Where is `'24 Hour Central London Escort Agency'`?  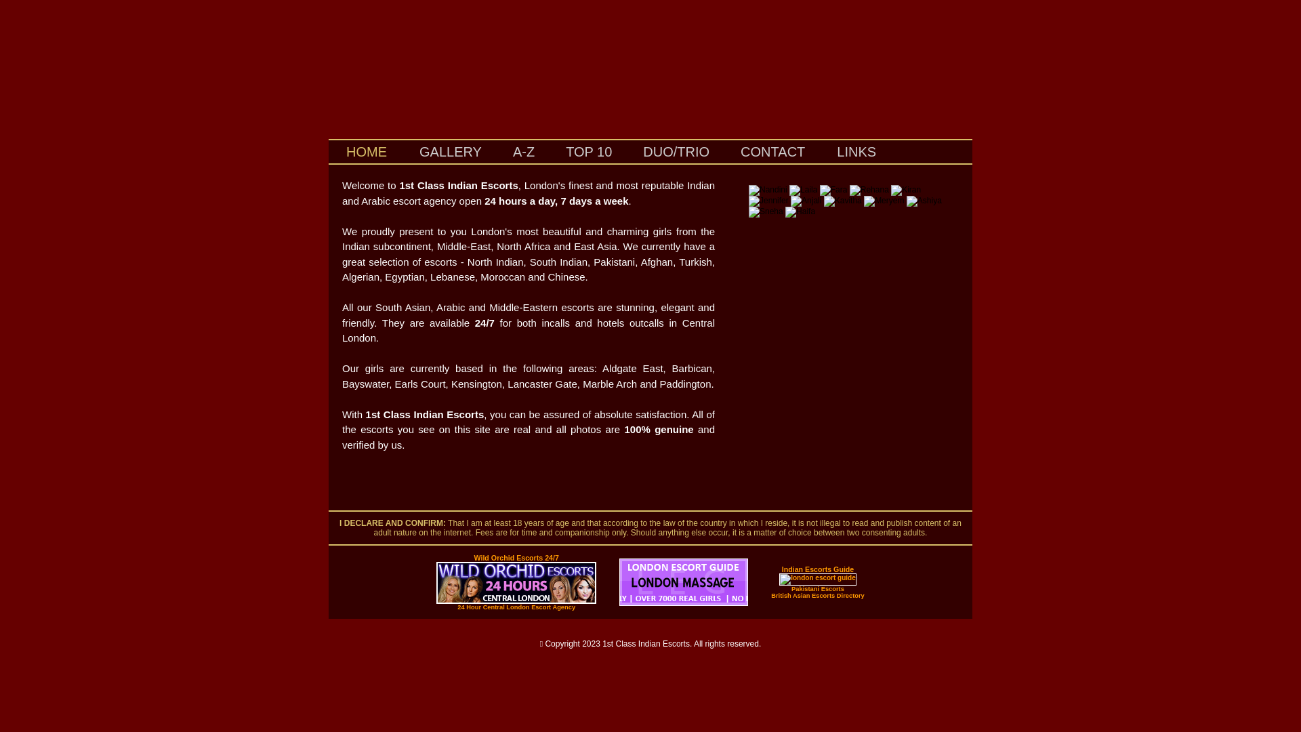 '24 Hour Central London Escort Agency' is located at coordinates (516, 606).